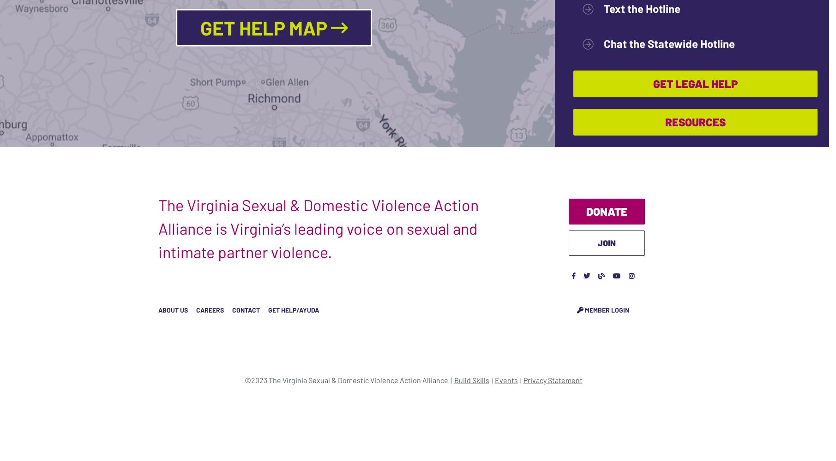 Image resolution: width=836 pixels, height=461 pixels. Describe the element at coordinates (173, 309) in the screenshot. I see `'About Us'` at that location.